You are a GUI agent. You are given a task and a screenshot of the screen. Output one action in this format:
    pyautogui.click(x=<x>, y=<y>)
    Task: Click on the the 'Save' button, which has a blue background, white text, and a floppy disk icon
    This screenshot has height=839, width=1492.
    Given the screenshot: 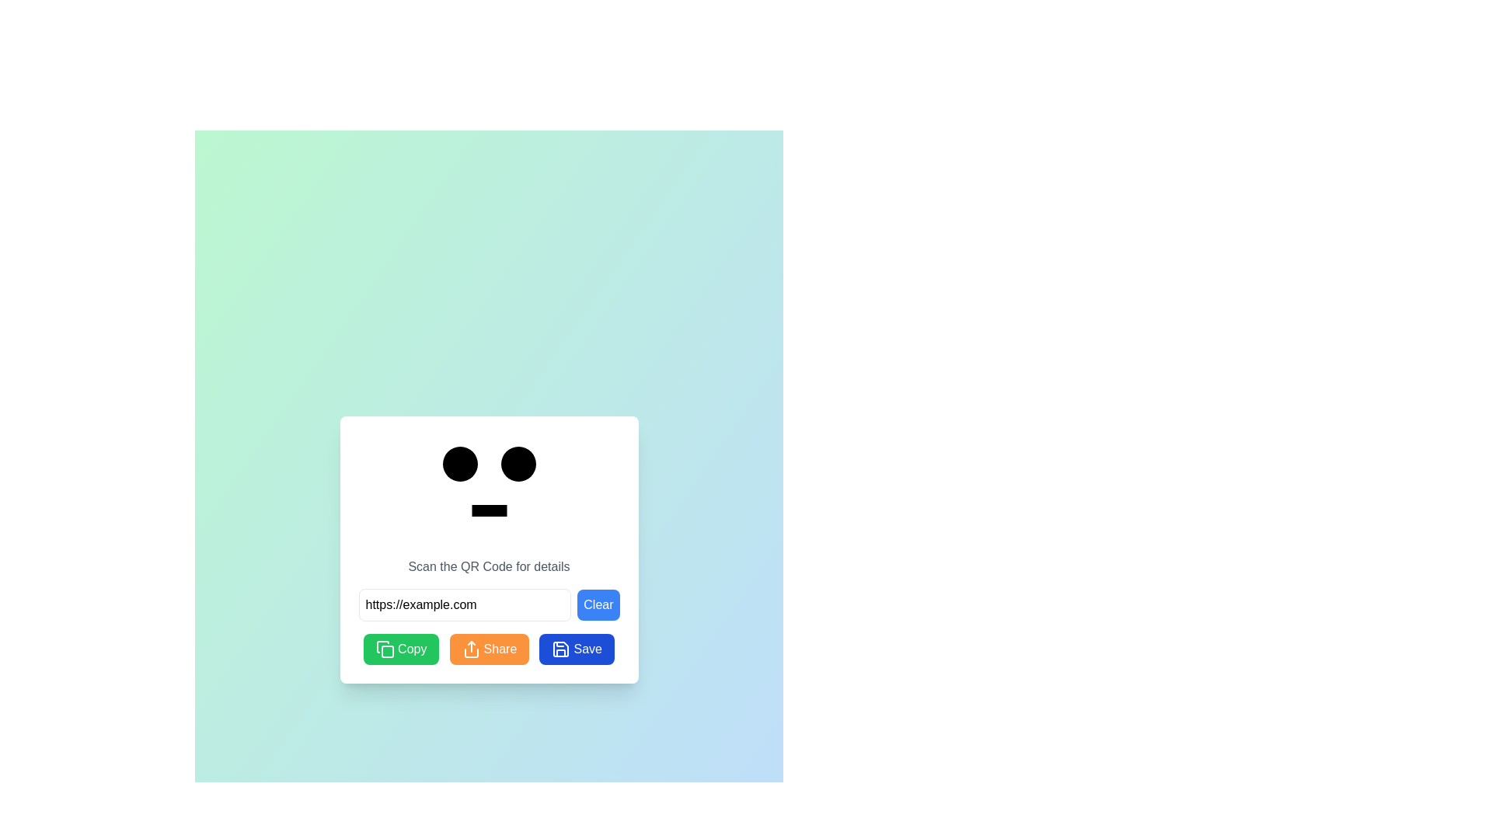 What is the action you would take?
    pyautogui.click(x=576, y=649)
    